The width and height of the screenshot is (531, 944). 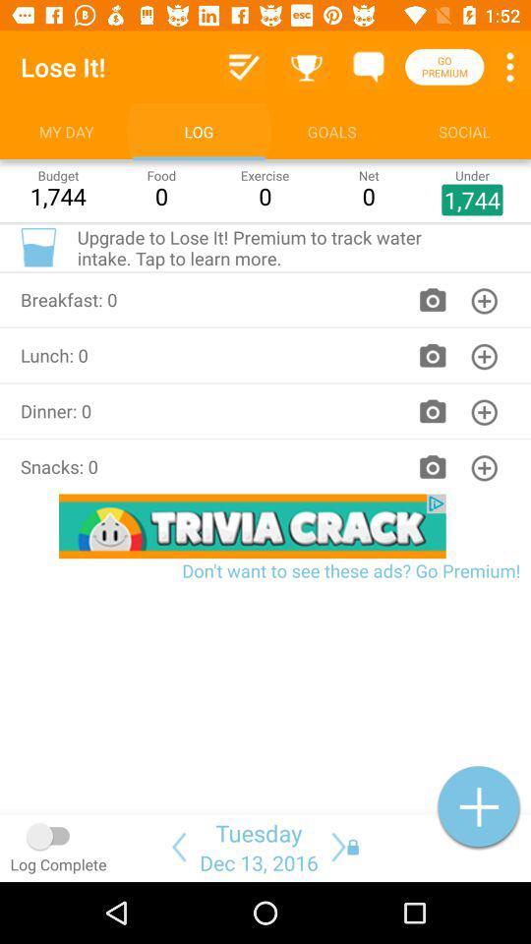 I want to click on icon in fourth row, so click(x=484, y=467).